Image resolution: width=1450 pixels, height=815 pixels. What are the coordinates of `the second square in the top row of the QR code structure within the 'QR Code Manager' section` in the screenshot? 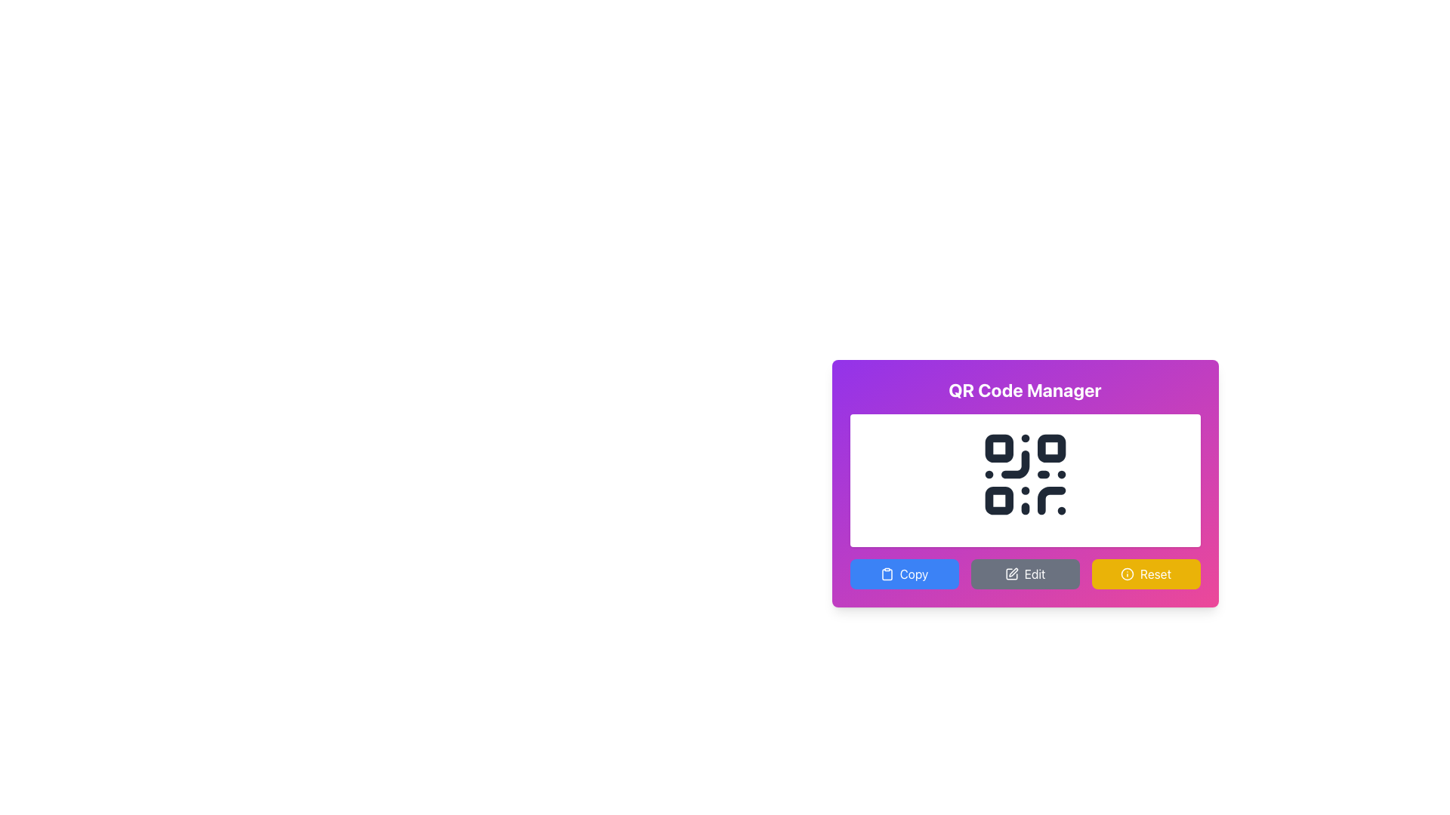 It's located at (1050, 447).